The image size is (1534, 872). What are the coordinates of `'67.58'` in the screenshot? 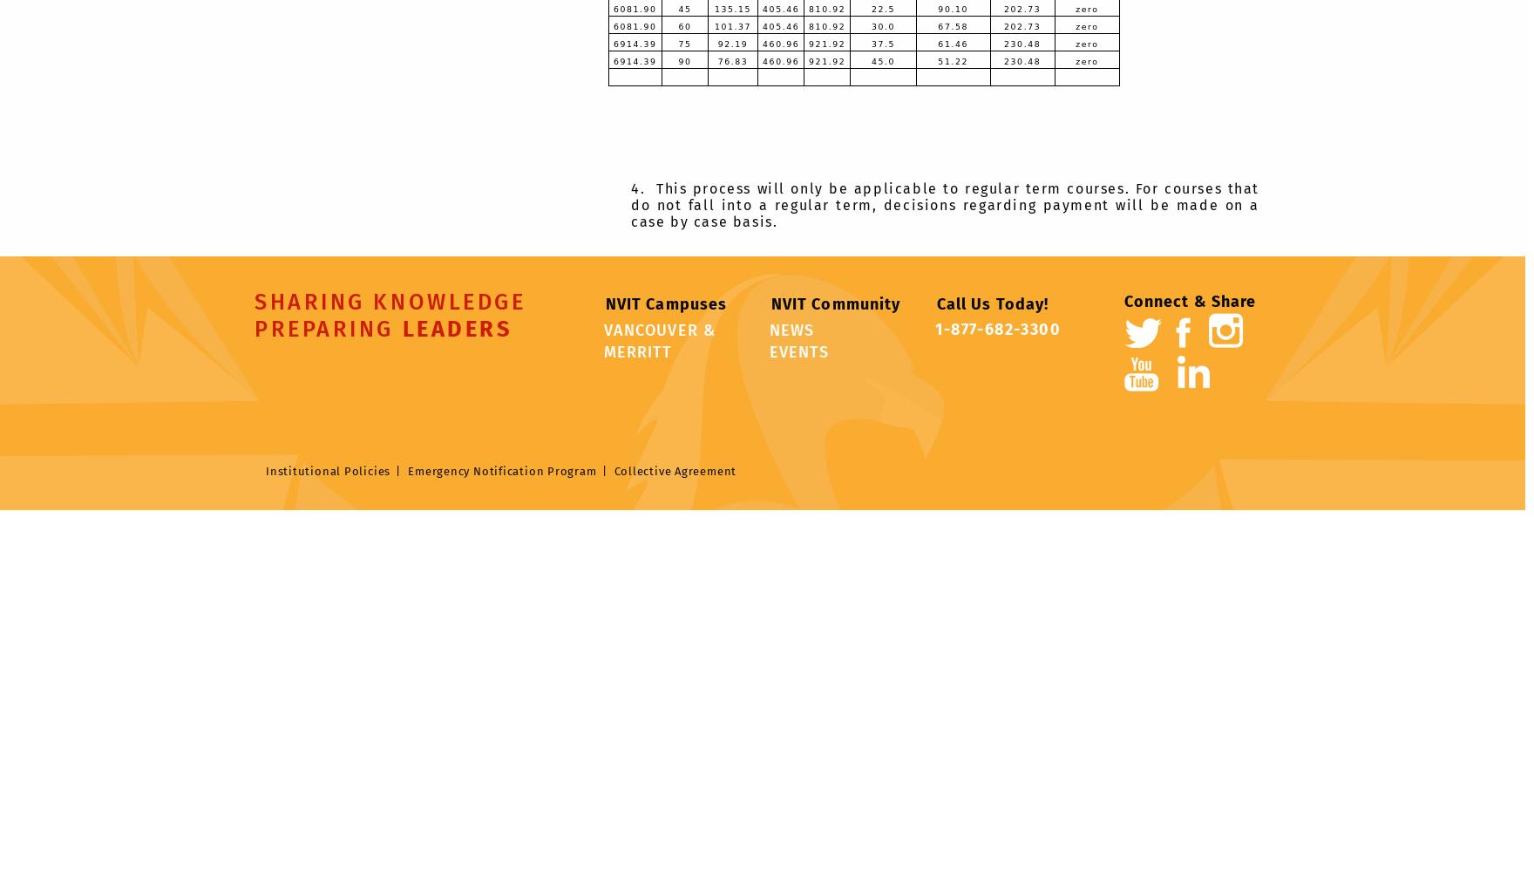 It's located at (953, 25).